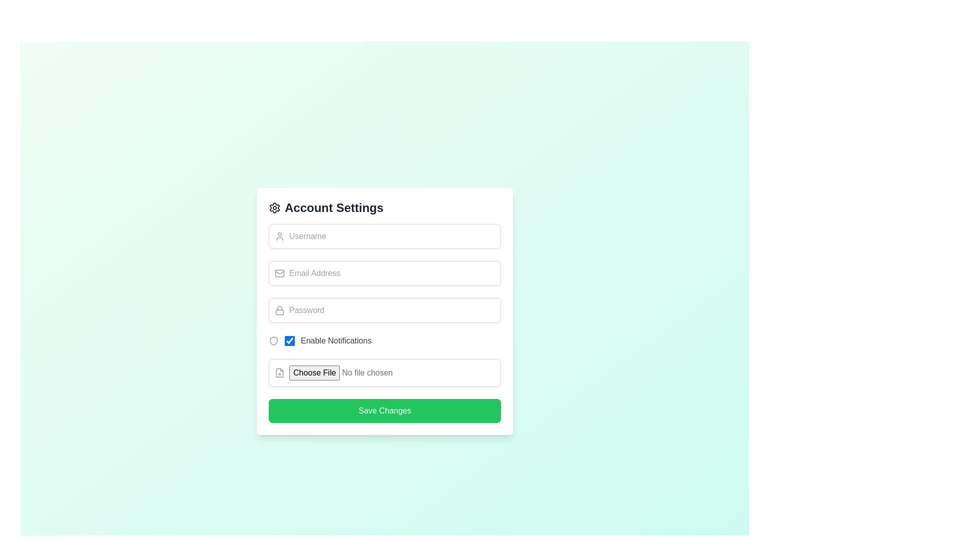  Describe the element at coordinates (336, 340) in the screenshot. I see `text of the label positioned to the right of the checkbox in the account settings section, located below the password field and above the file selection input` at that location.